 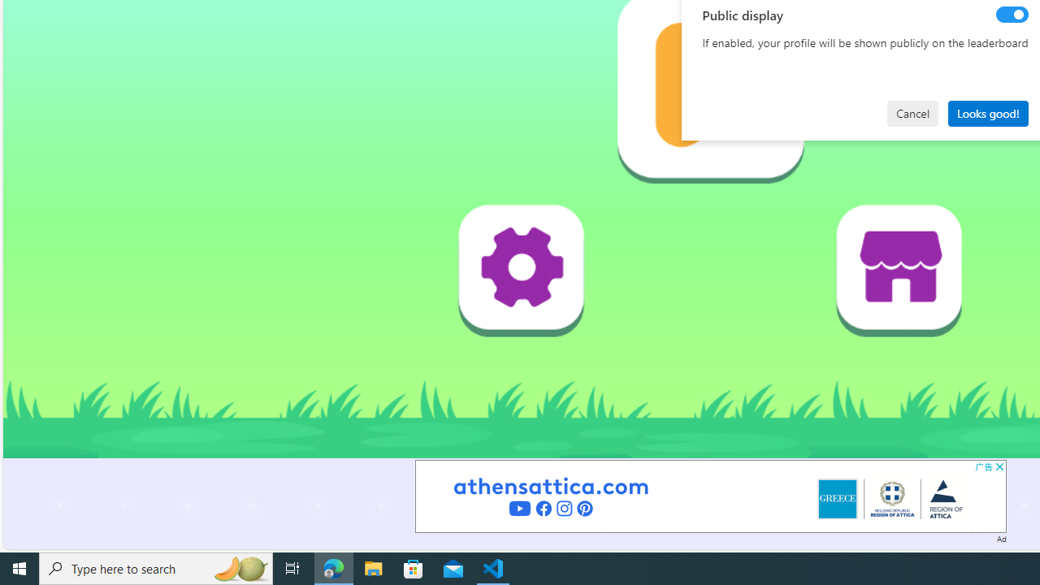 I want to click on 'Looks good!', so click(x=987, y=112).